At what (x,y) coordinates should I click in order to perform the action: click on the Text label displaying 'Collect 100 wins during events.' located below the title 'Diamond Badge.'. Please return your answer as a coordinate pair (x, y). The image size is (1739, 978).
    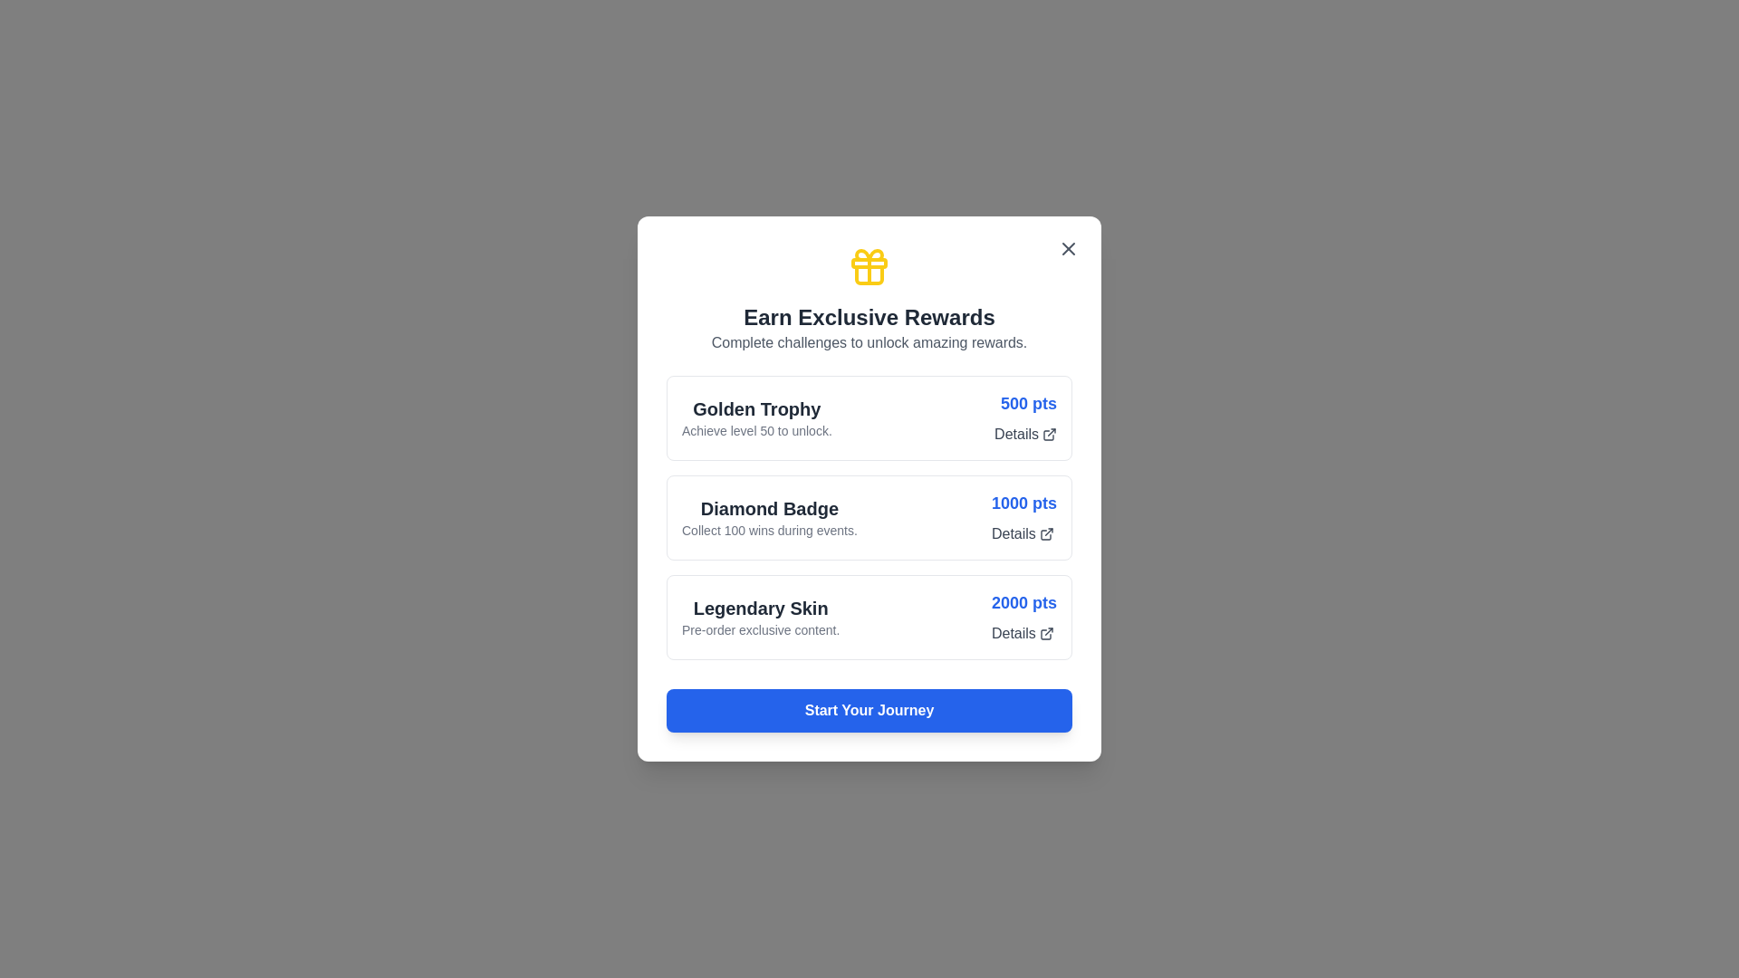
    Looking at the image, I should click on (769, 530).